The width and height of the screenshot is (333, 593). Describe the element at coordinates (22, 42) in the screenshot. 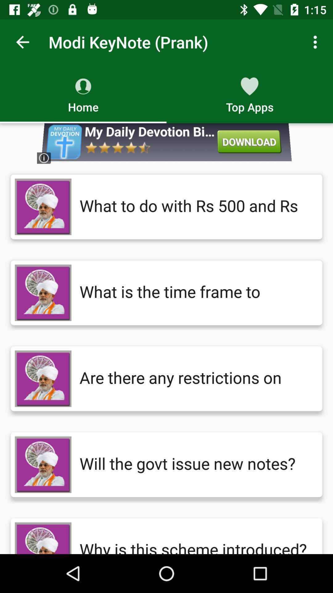

I see `the item above the home item` at that location.